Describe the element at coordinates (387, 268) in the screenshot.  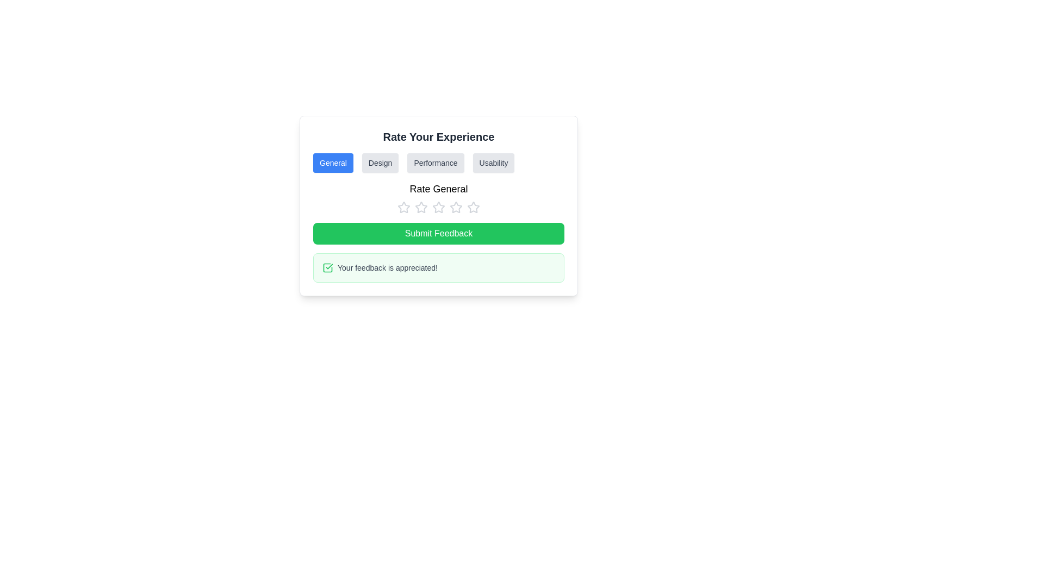
I see `the text label that reads 'Your feedback is appreciated!', which is styled in a small font size, medium weight, and gray color, located below the 'Submit Feedback' button and to the right of the green check icon` at that location.